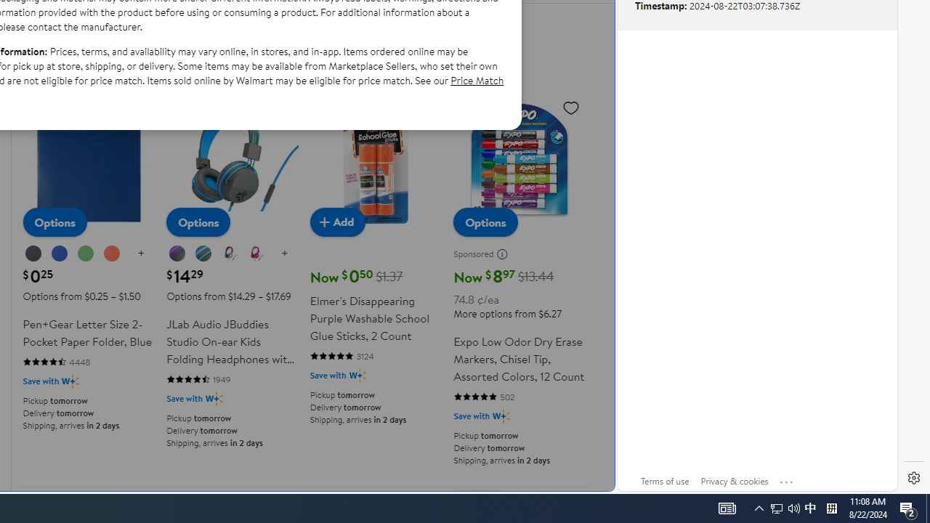  What do you see at coordinates (735, 481) in the screenshot?
I see `'Privacy & cookies'` at bounding box center [735, 481].